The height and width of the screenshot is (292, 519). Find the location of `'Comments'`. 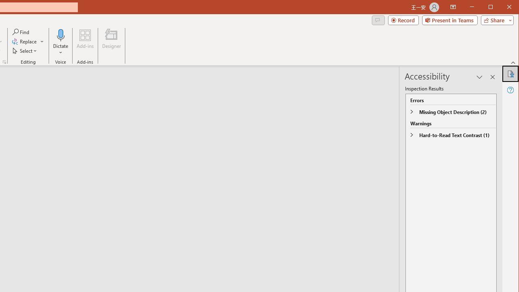

'Comments' is located at coordinates (377, 20).